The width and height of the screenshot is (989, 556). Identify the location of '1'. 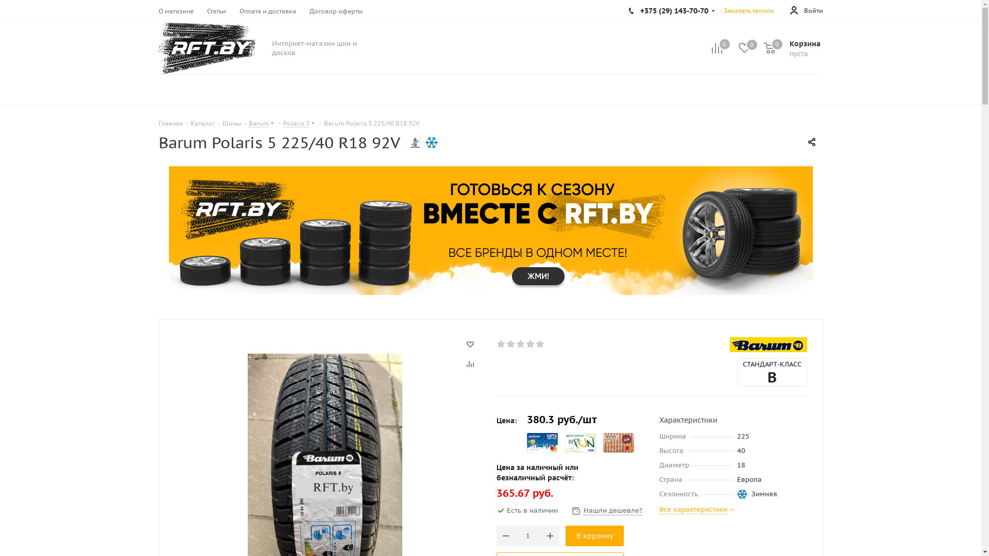
(501, 343).